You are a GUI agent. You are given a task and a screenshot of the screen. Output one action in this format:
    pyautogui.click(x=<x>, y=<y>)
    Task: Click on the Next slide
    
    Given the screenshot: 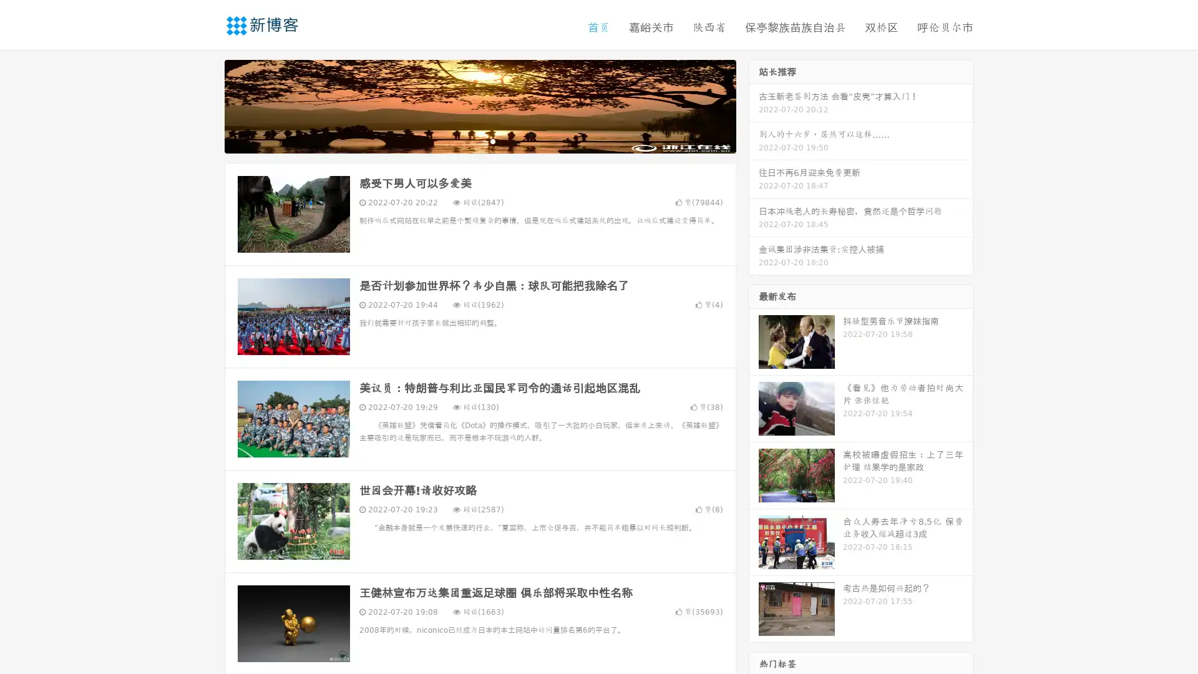 What is the action you would take?
    pyautogui.click(x=754, y=105)
    